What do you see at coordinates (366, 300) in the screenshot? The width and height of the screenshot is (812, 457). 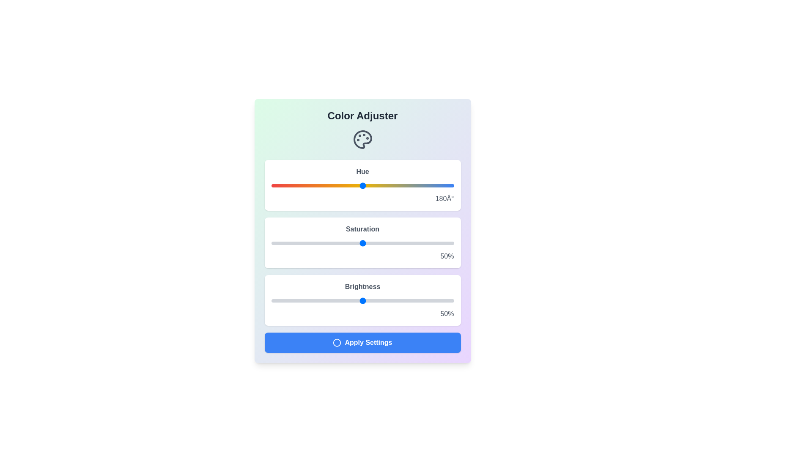 I see `the brightness slider to 52% by dragging the slider to the corresponding position` at bounding box center [366, 300].